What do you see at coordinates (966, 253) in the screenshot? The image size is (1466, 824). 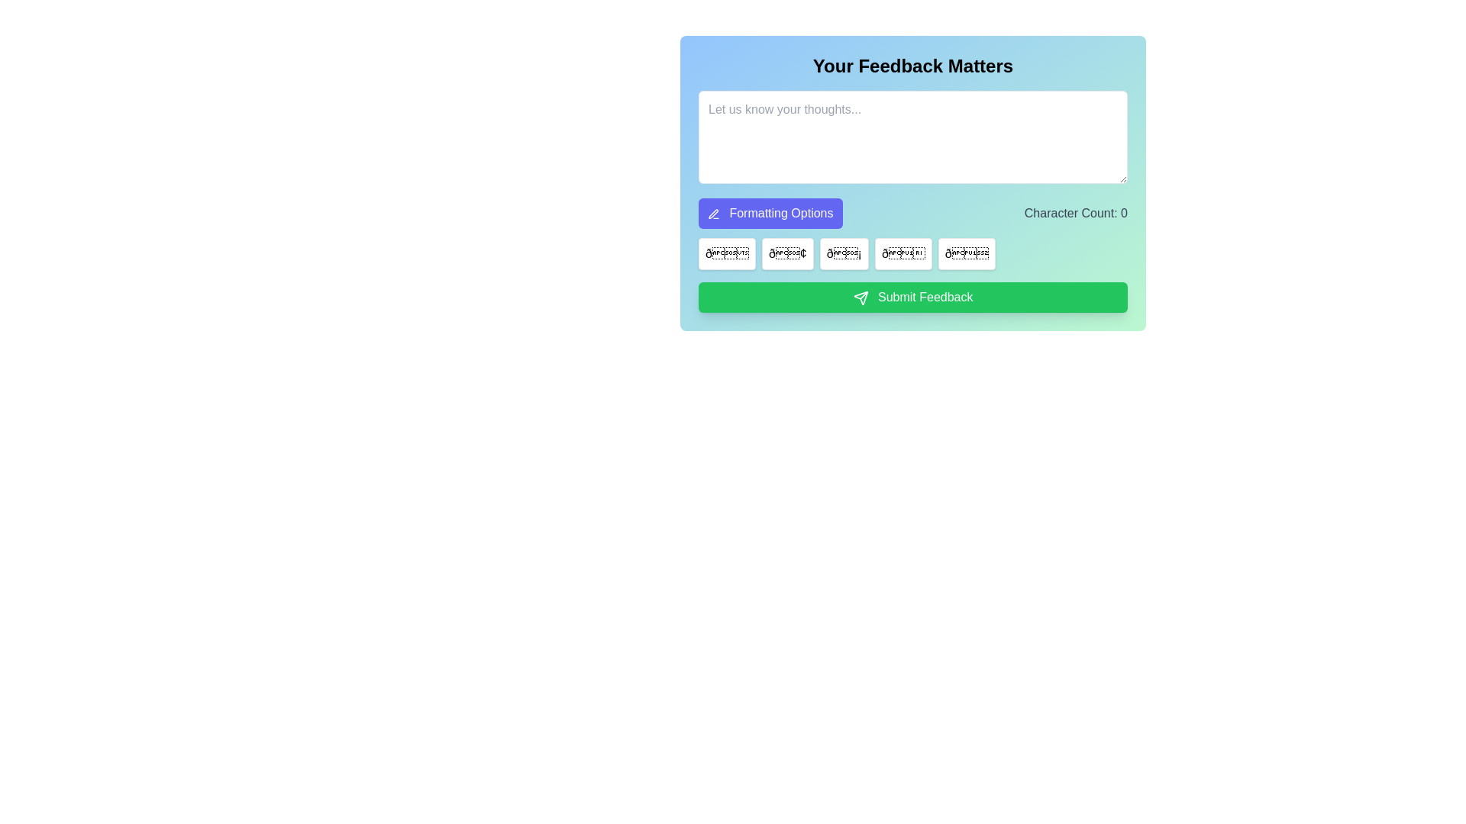 I see `the fifth white button with rounded corners and an emoji-like icon, located below the input field and formatting options` at bounding box center [966, 253].